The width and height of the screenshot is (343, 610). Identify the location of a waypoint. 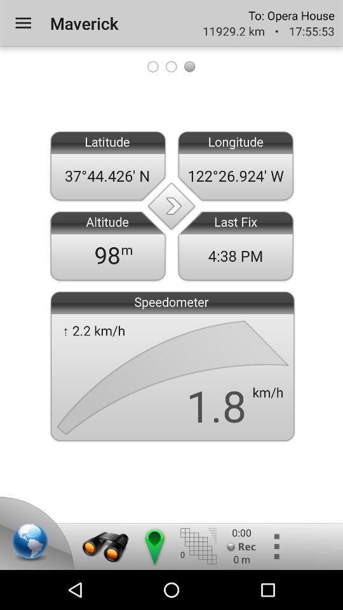
(154, 546).